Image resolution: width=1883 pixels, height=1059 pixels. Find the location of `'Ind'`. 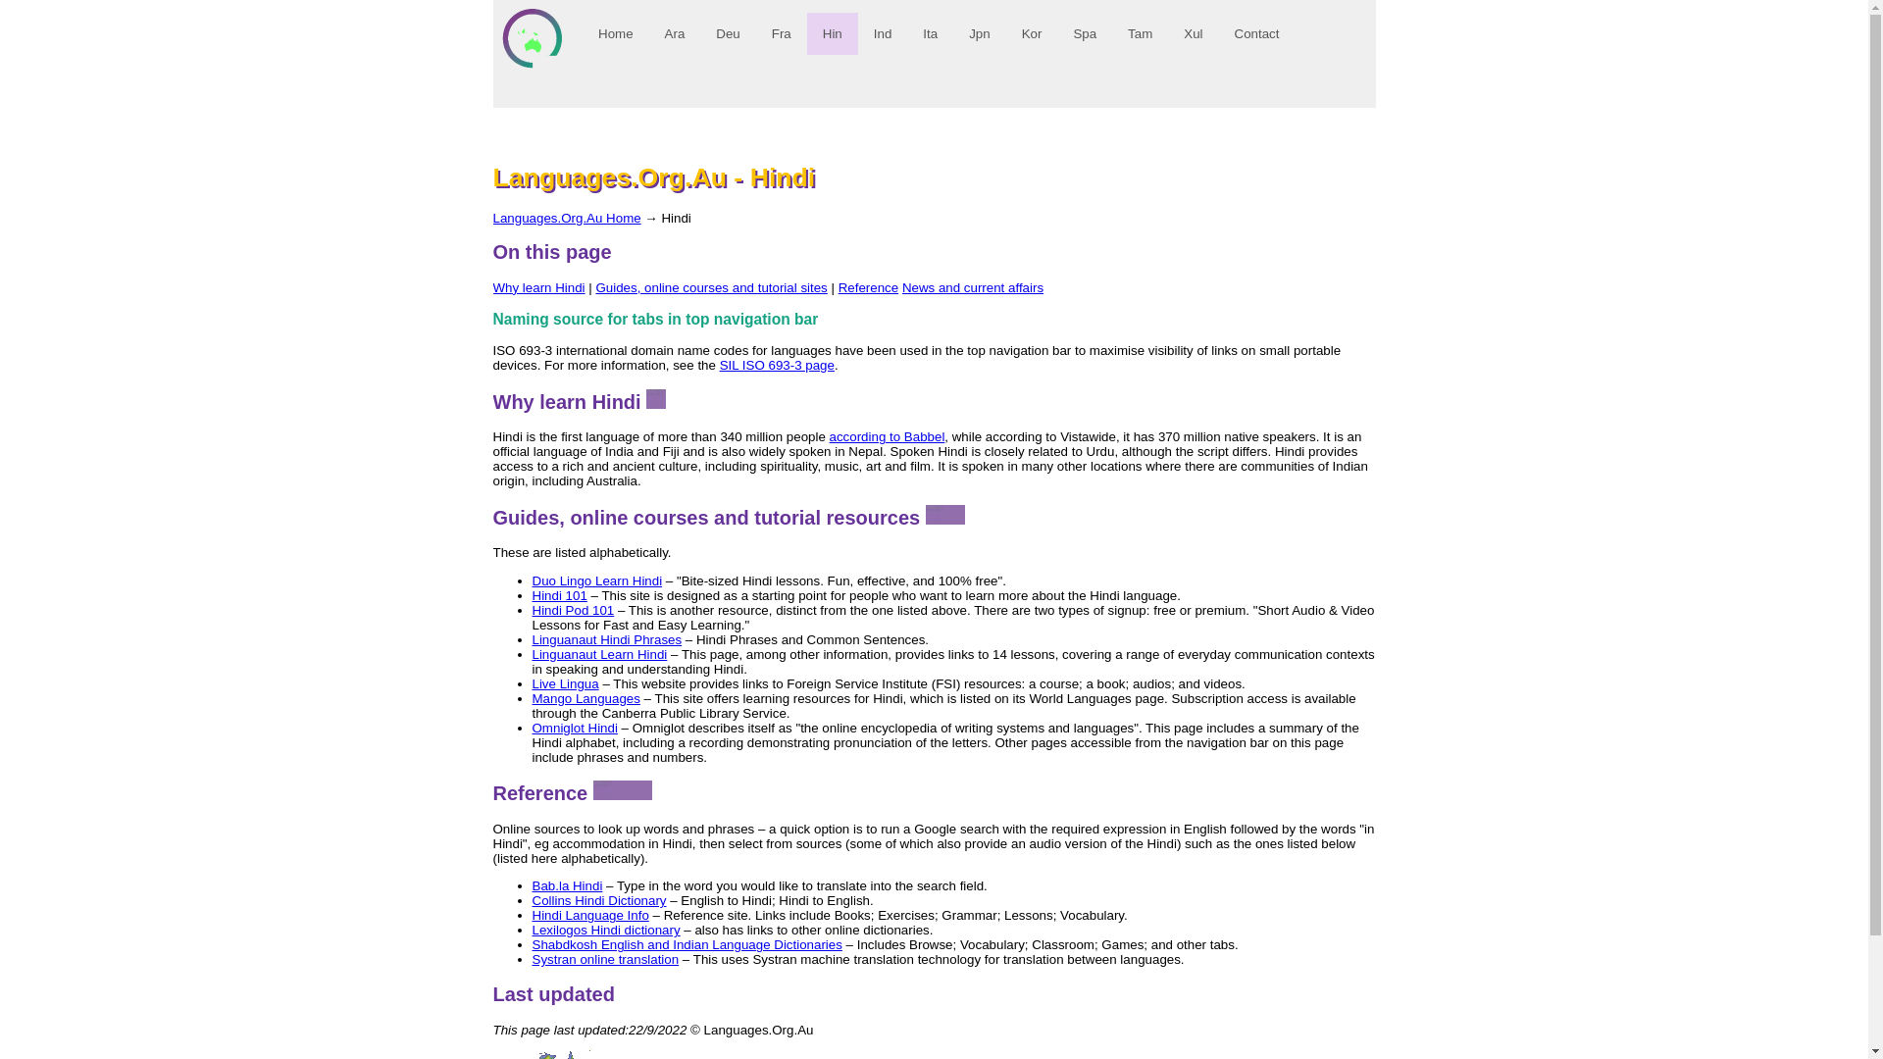

'Ind' is located at coordinates (881, 33).